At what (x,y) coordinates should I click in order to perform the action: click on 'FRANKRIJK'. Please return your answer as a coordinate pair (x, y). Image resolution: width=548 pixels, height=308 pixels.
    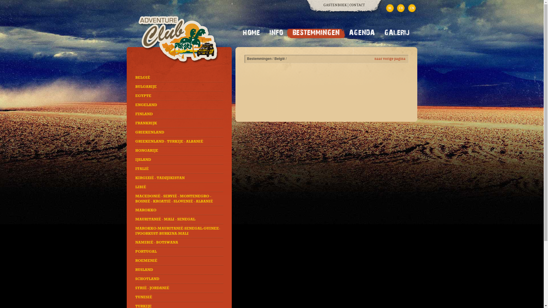
    Looking at the image, I should click on (146, 123).